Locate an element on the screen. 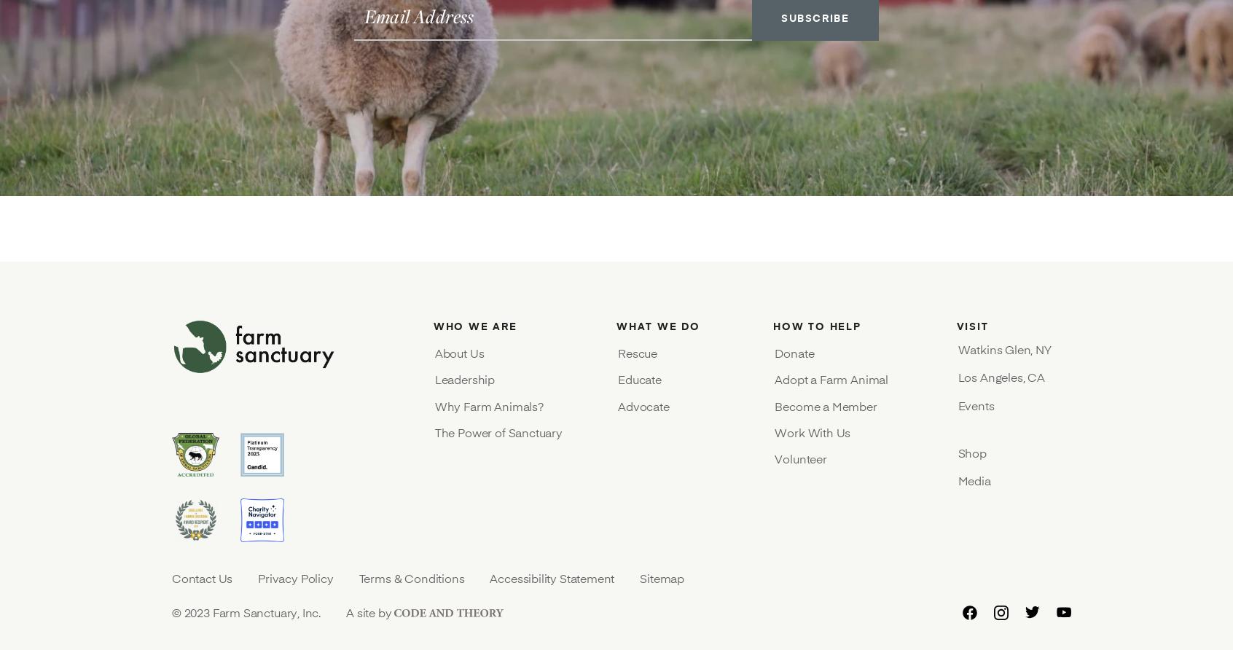 Image resolution: width=1233 pixels, height=650 pixels. 'Shop' is located at coordinates (957, 452).